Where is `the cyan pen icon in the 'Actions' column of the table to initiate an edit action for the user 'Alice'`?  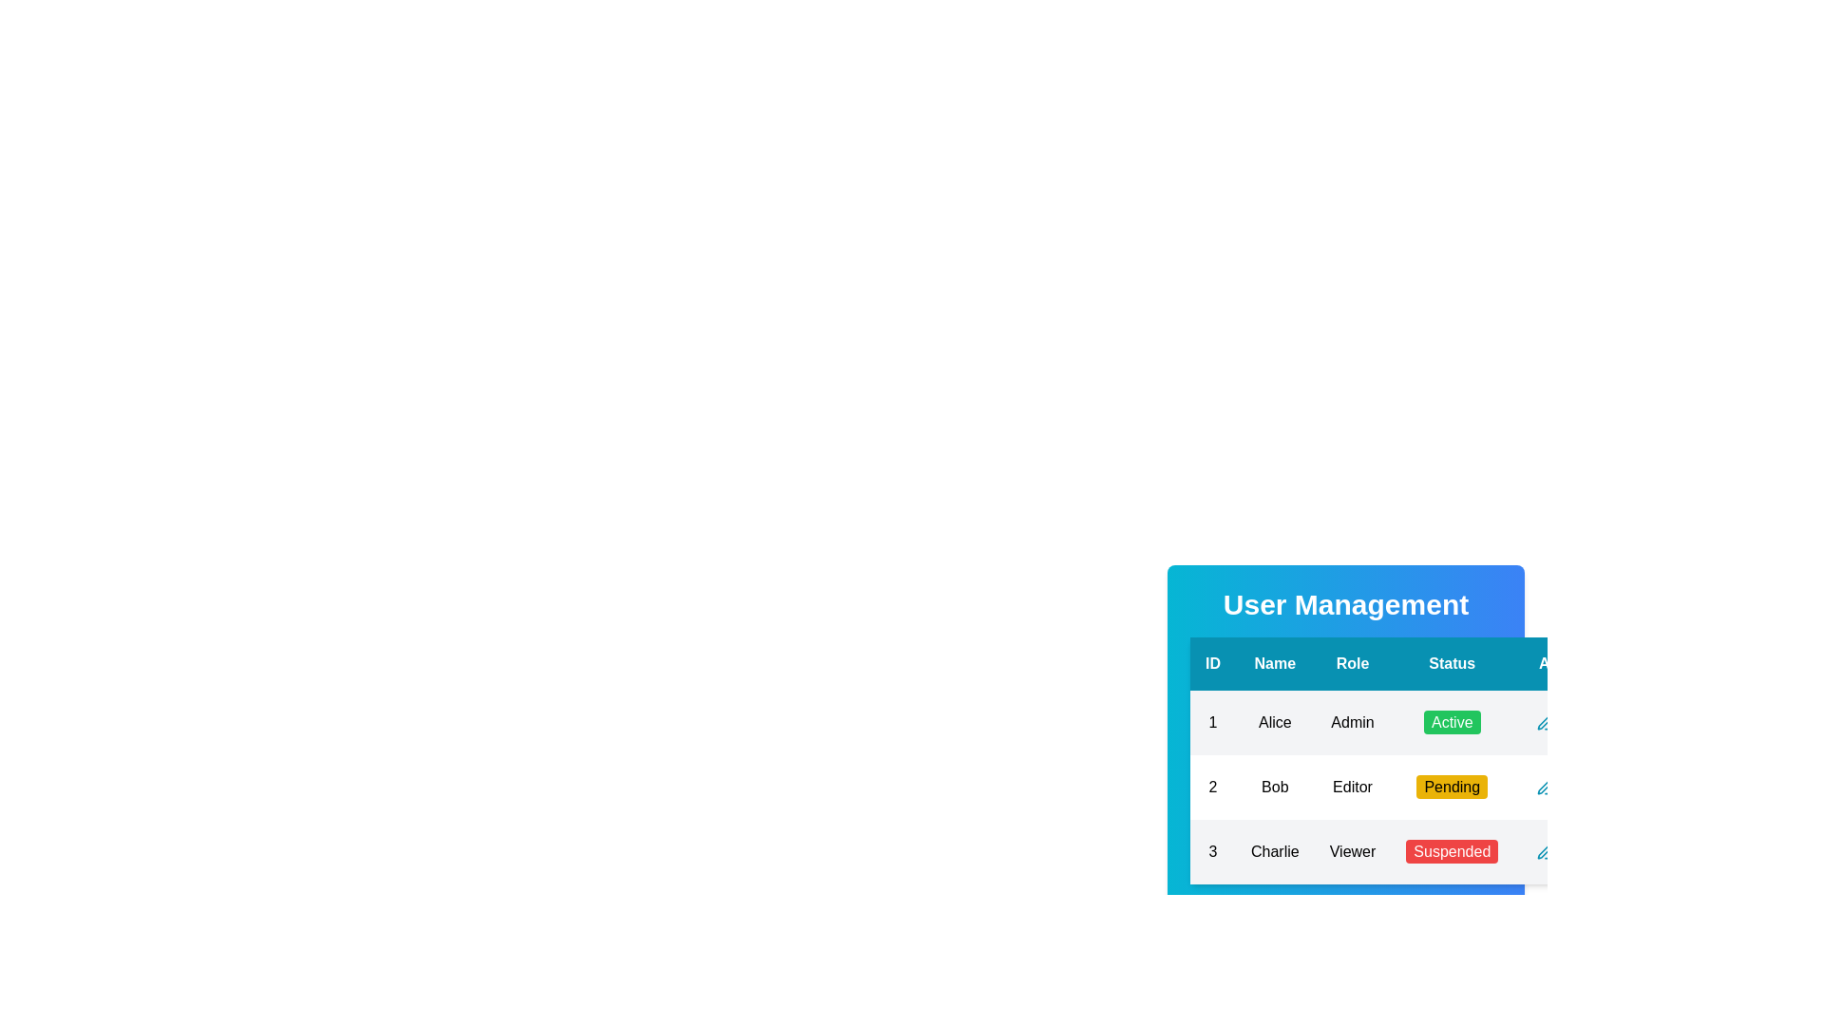 the cyan pen icon in the 'Actions' column of the table to initiate an edit action for the user 'Alice' is located at coordinates (1546, 722).